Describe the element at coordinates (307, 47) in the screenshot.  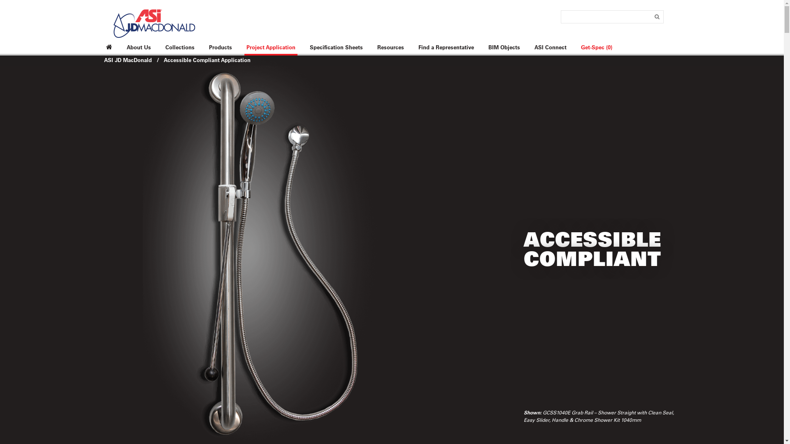
I see `'Specification Sheets'` at that location.